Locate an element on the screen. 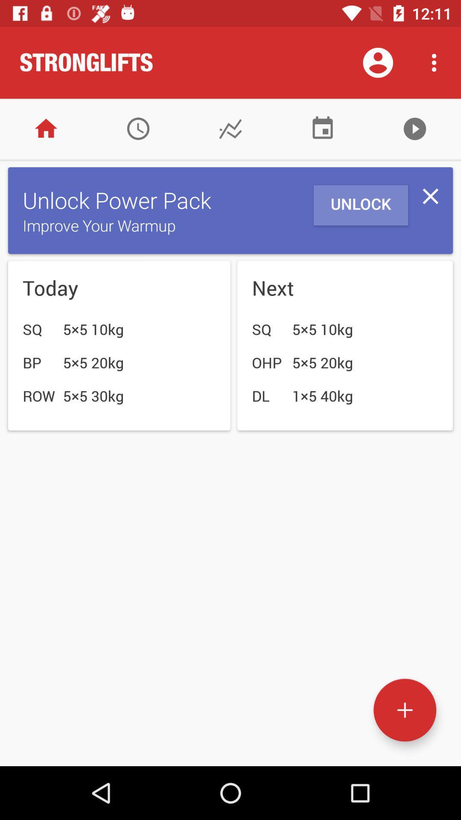  loads videos on the app is located at coordinates (414, 128).